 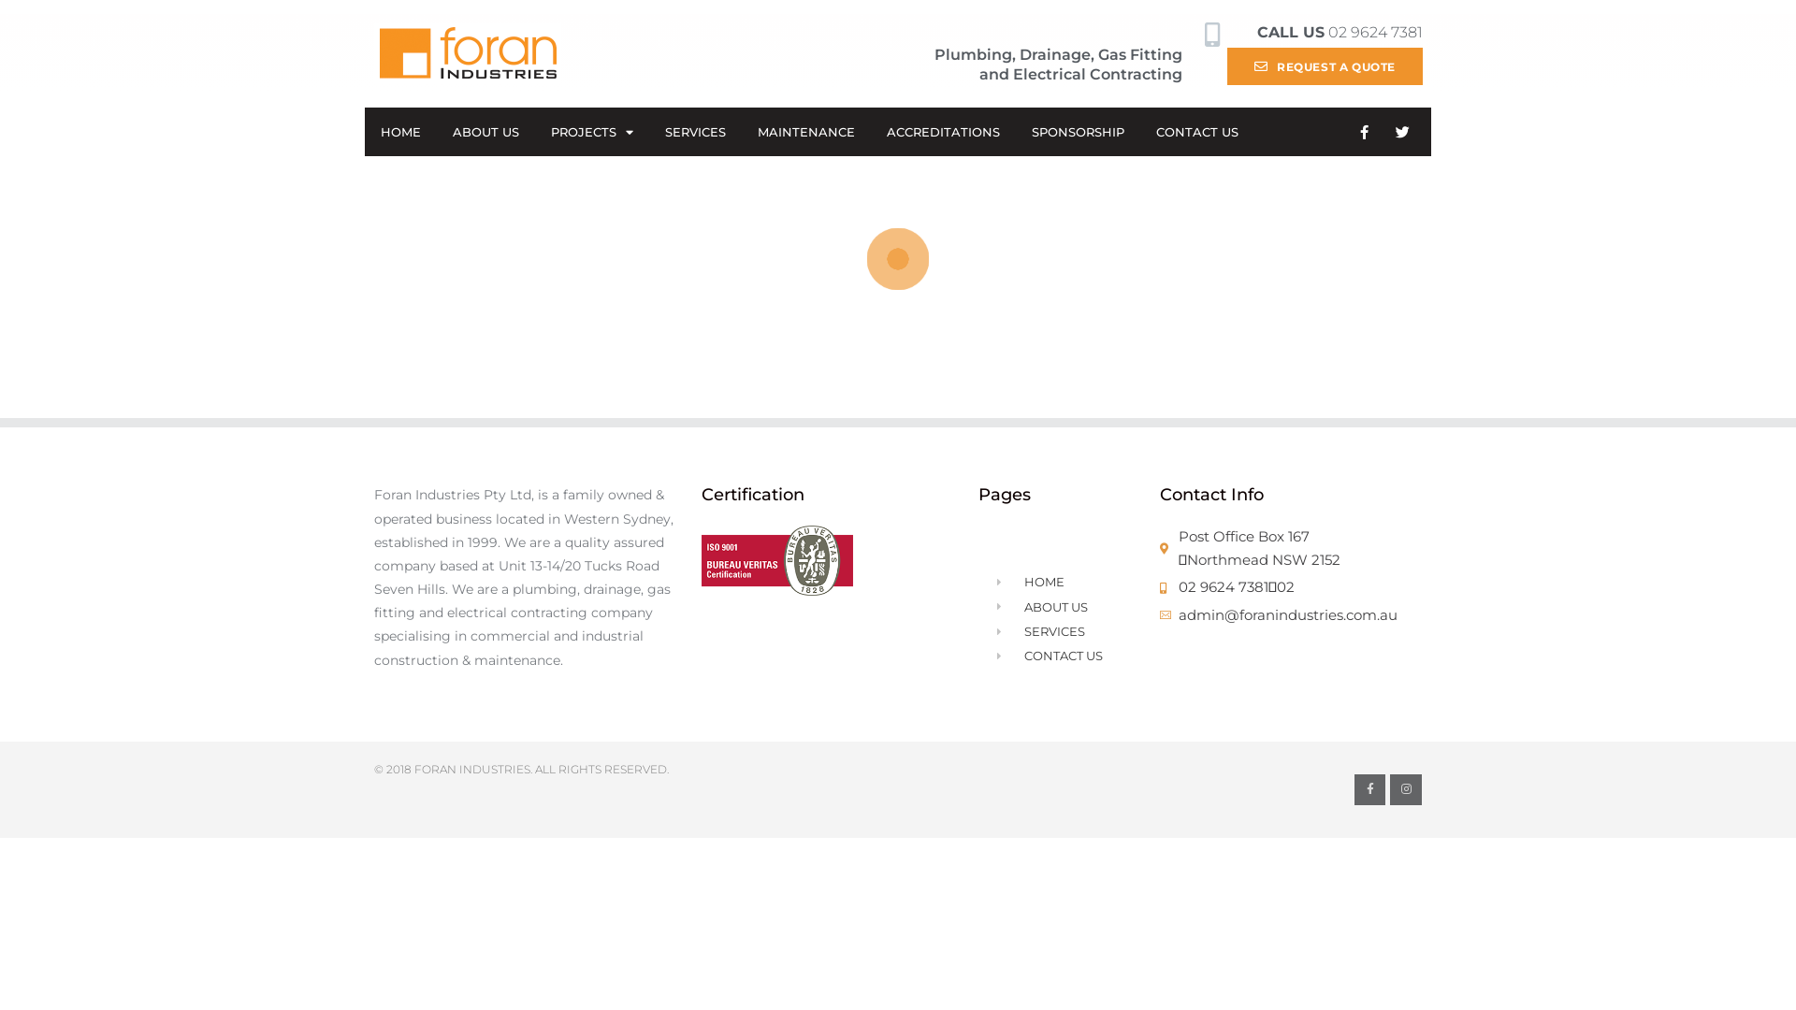 I want to click on 'REQUEST A QUOTE', so click(x=1226, y=65).